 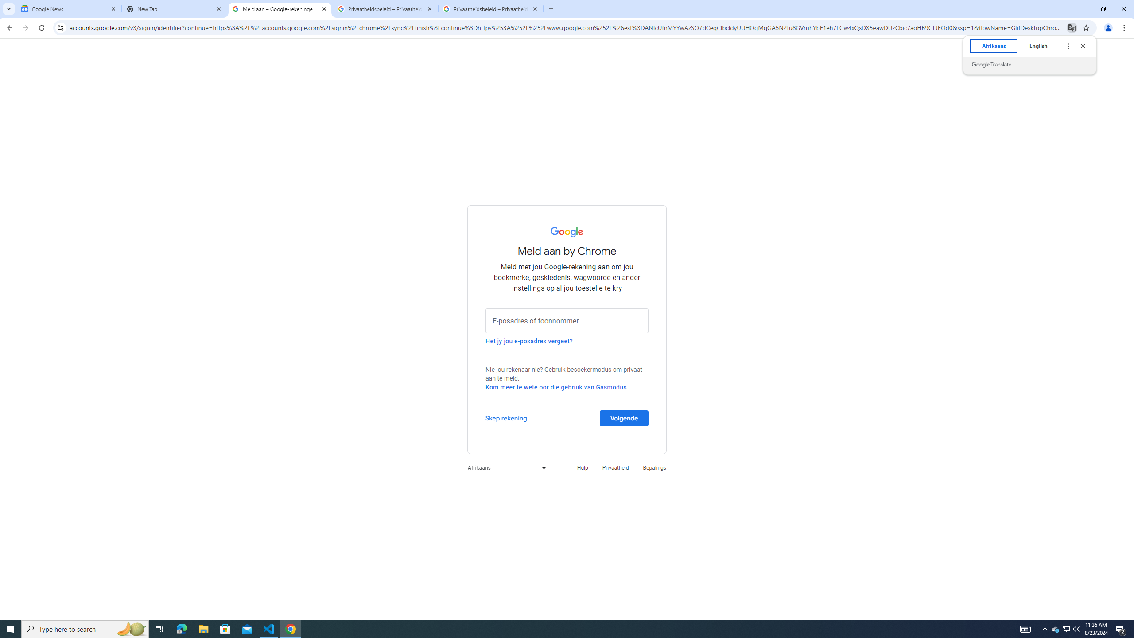 I want to click on 'Volgende', so click(x=624, y=417).